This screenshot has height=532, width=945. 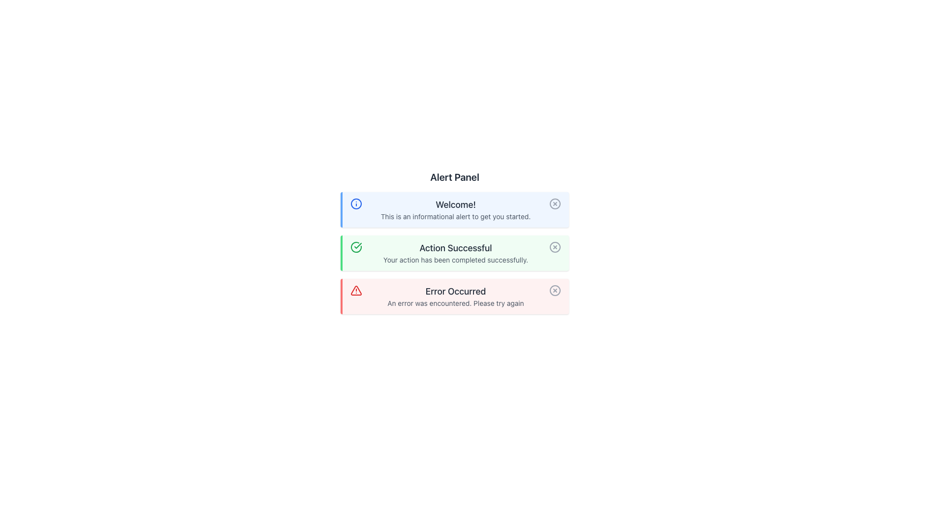 I want to click on the error header text which is the first line in the red-background alert box at the bottom of the alert panel, so click(x=455, y=291).